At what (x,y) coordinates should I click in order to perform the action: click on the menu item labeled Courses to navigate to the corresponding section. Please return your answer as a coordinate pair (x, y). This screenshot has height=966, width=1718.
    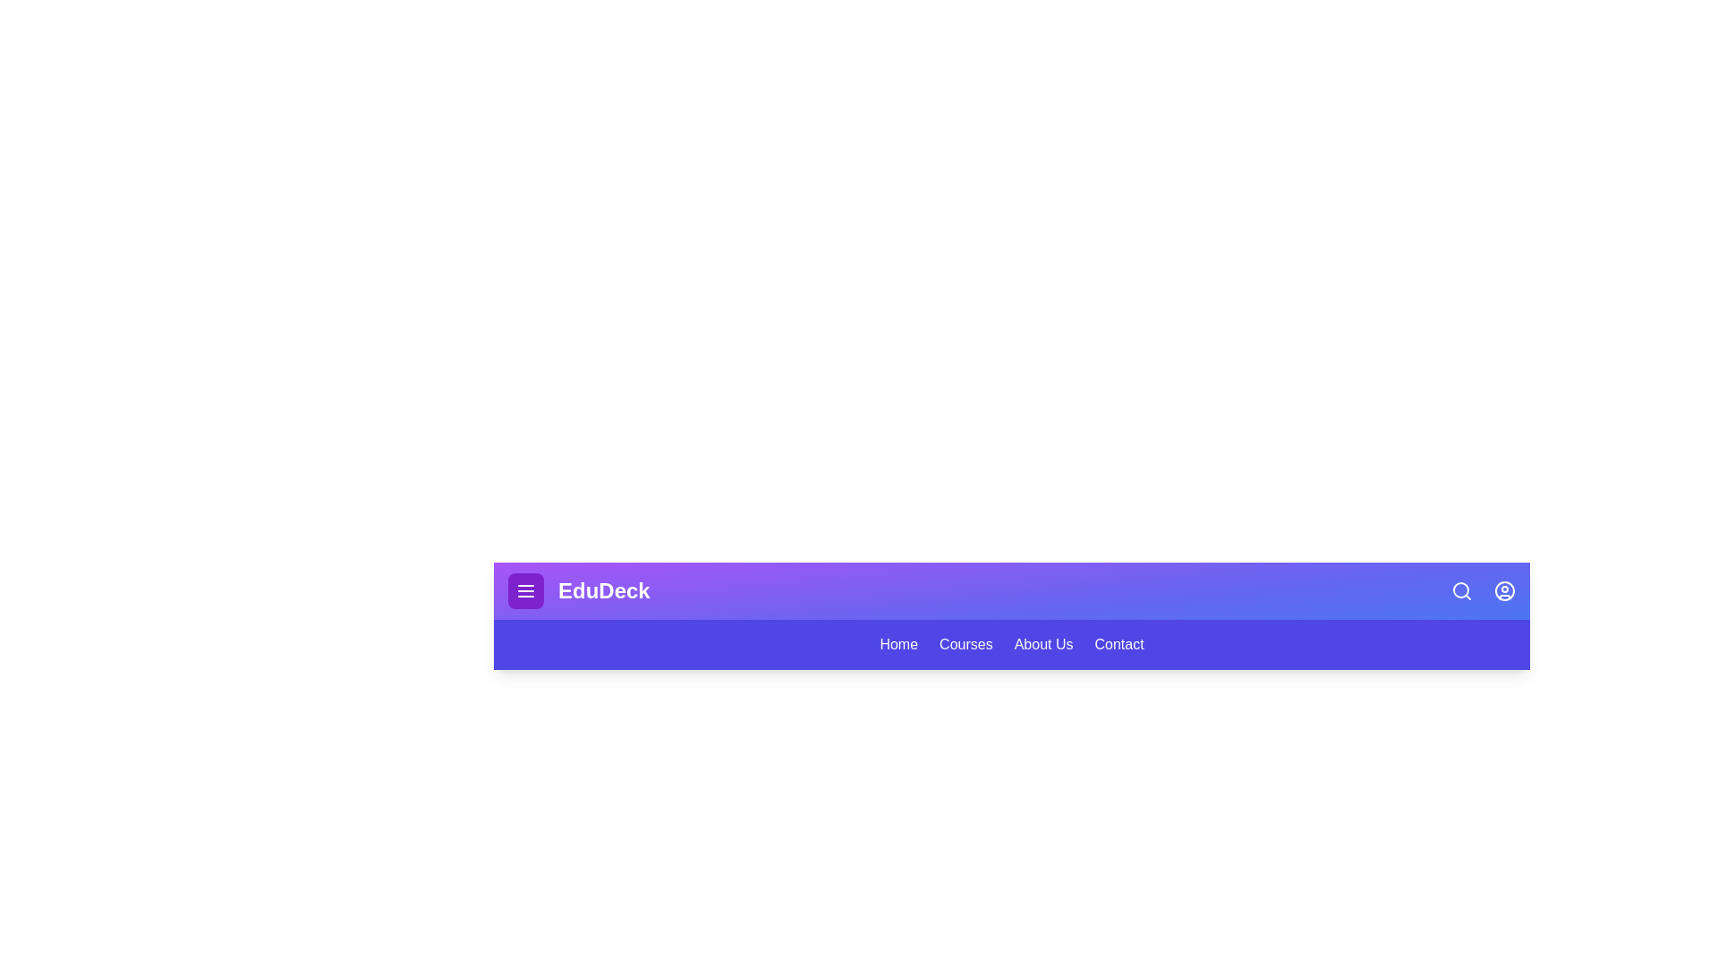
    Looking at the image, I should click on (965, 645).